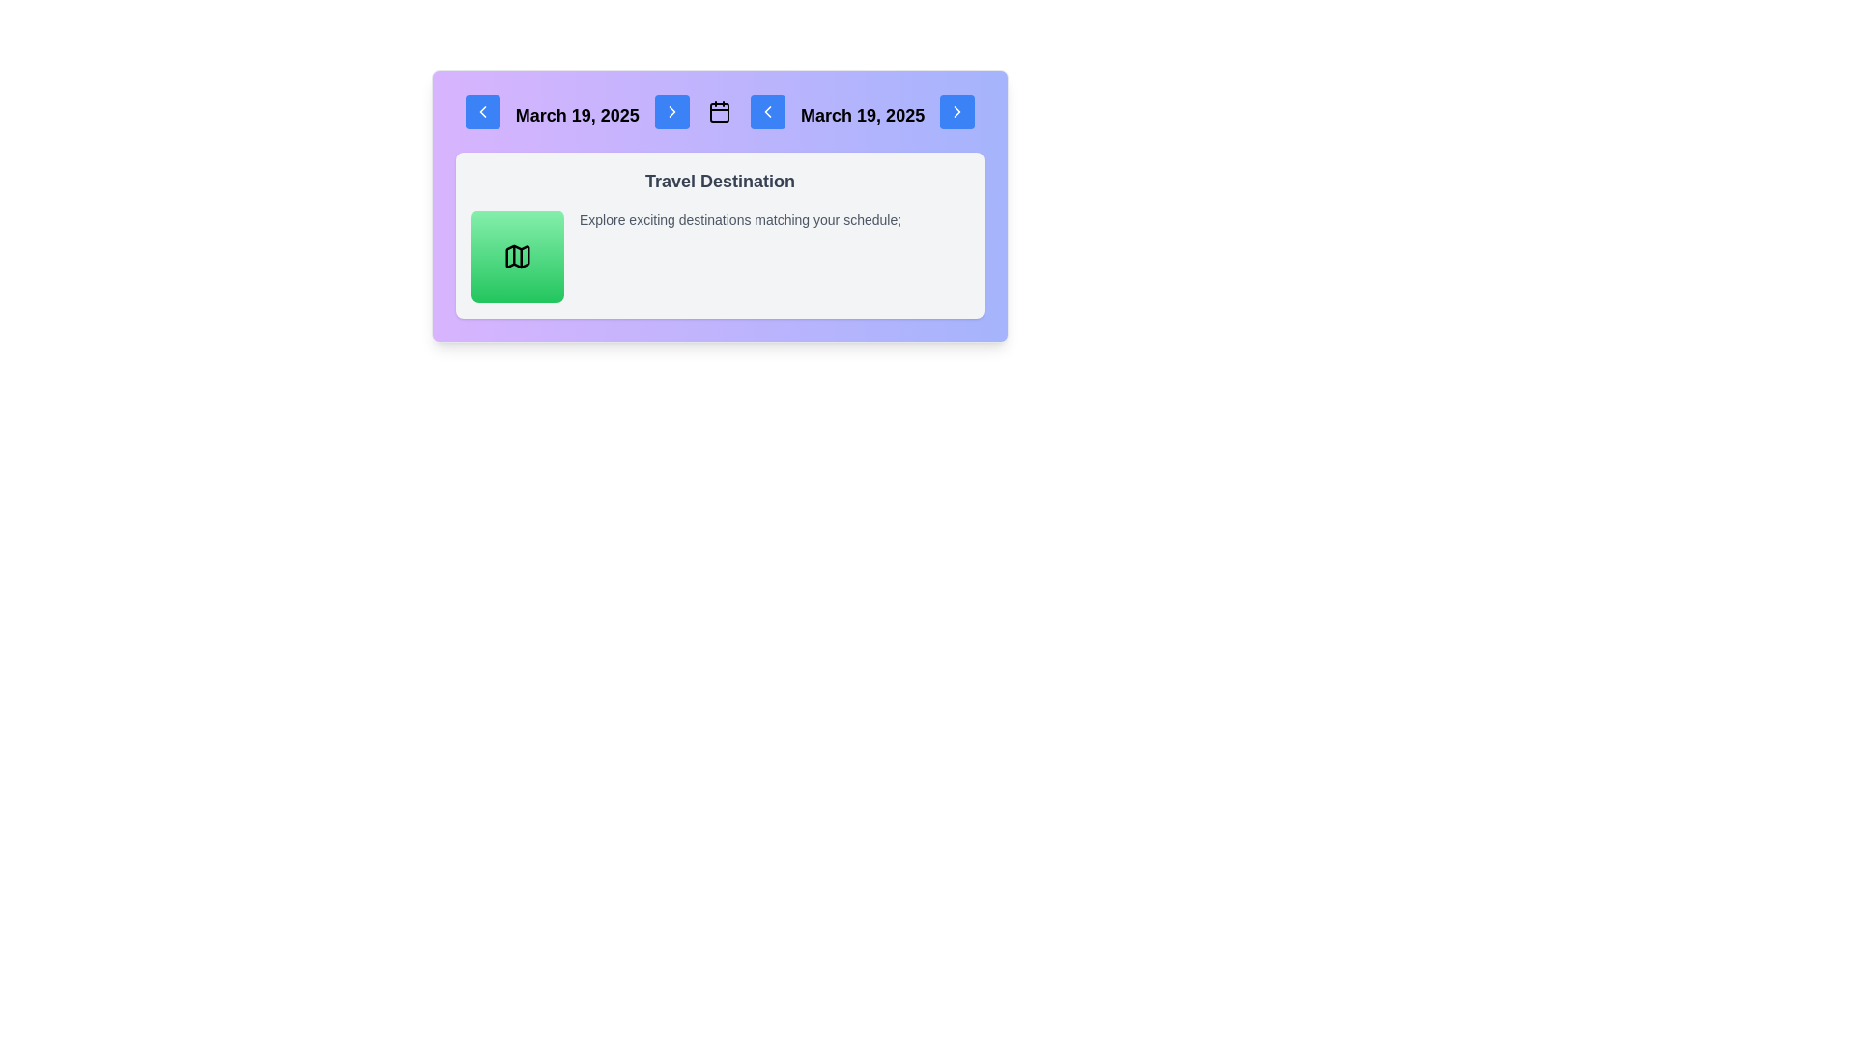  Describe the element at coordinates (767, 111) in the screenshot. I see `the leftward chevron icon in the top-left corner of the header area` at that location.